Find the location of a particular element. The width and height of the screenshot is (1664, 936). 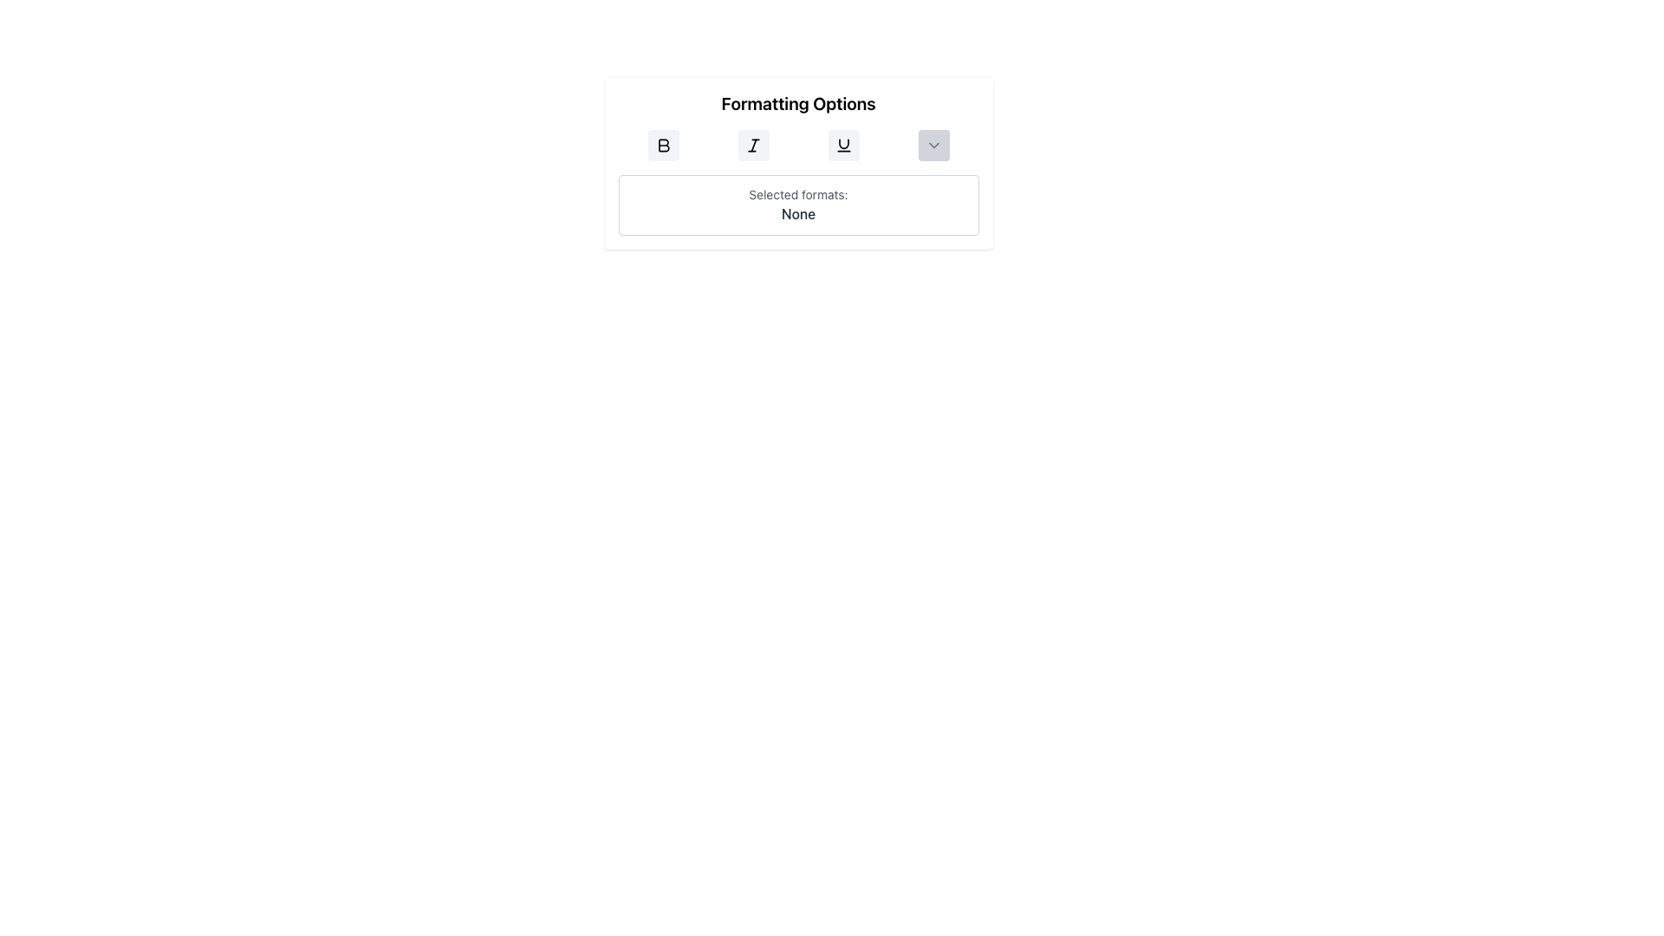

header text that serves as a label for the formatting tools section, positioned at the top of the formatting options box is located at coordinates (797, 103).